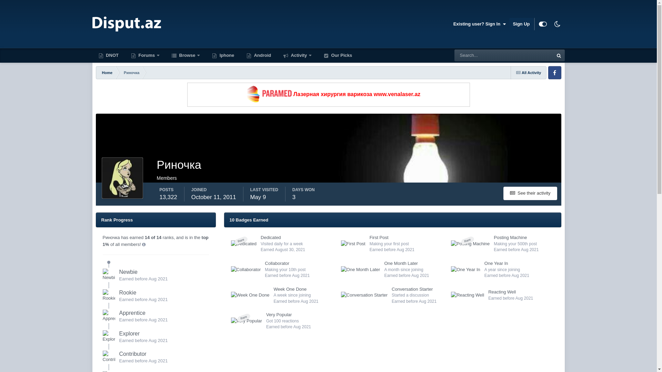 This screenshot has width=662, height=372. Describe the element at coordinates (109, 316) in the screenshot. I see `'Rank: Apprentice (3/14)'` at that location.